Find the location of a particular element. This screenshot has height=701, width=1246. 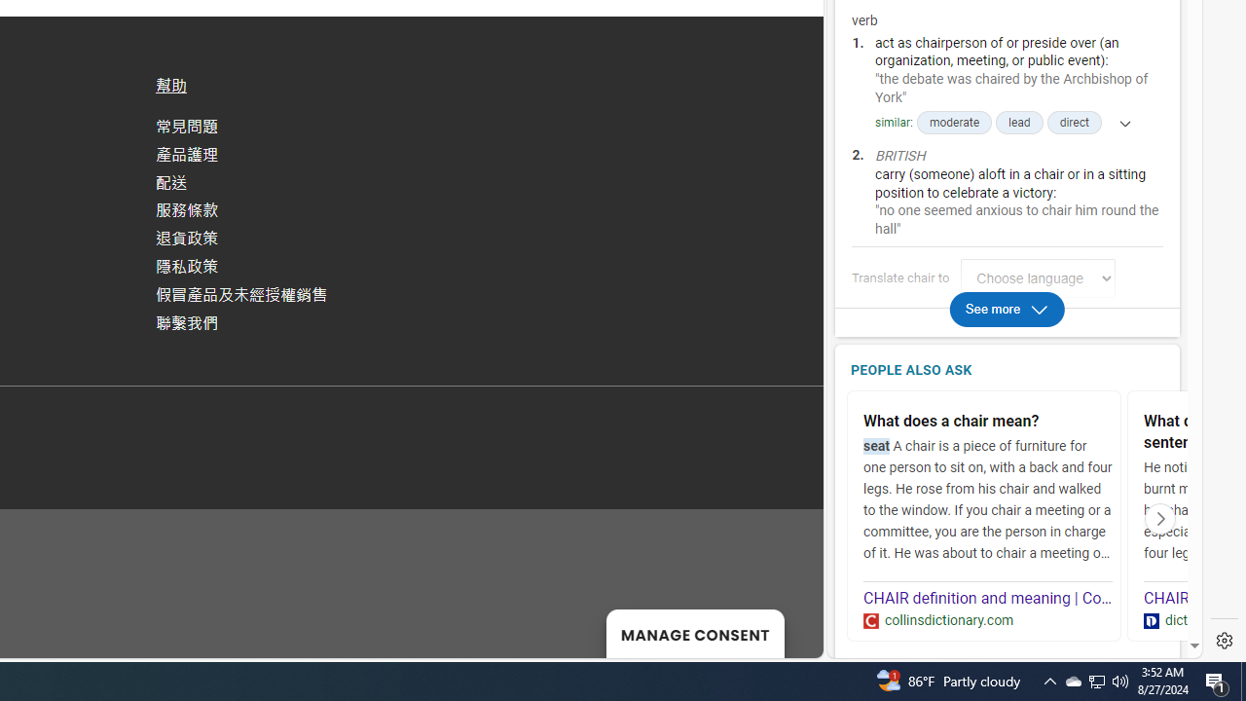

'Translate chair to Choose language' is located at coordinates (1037, 278).